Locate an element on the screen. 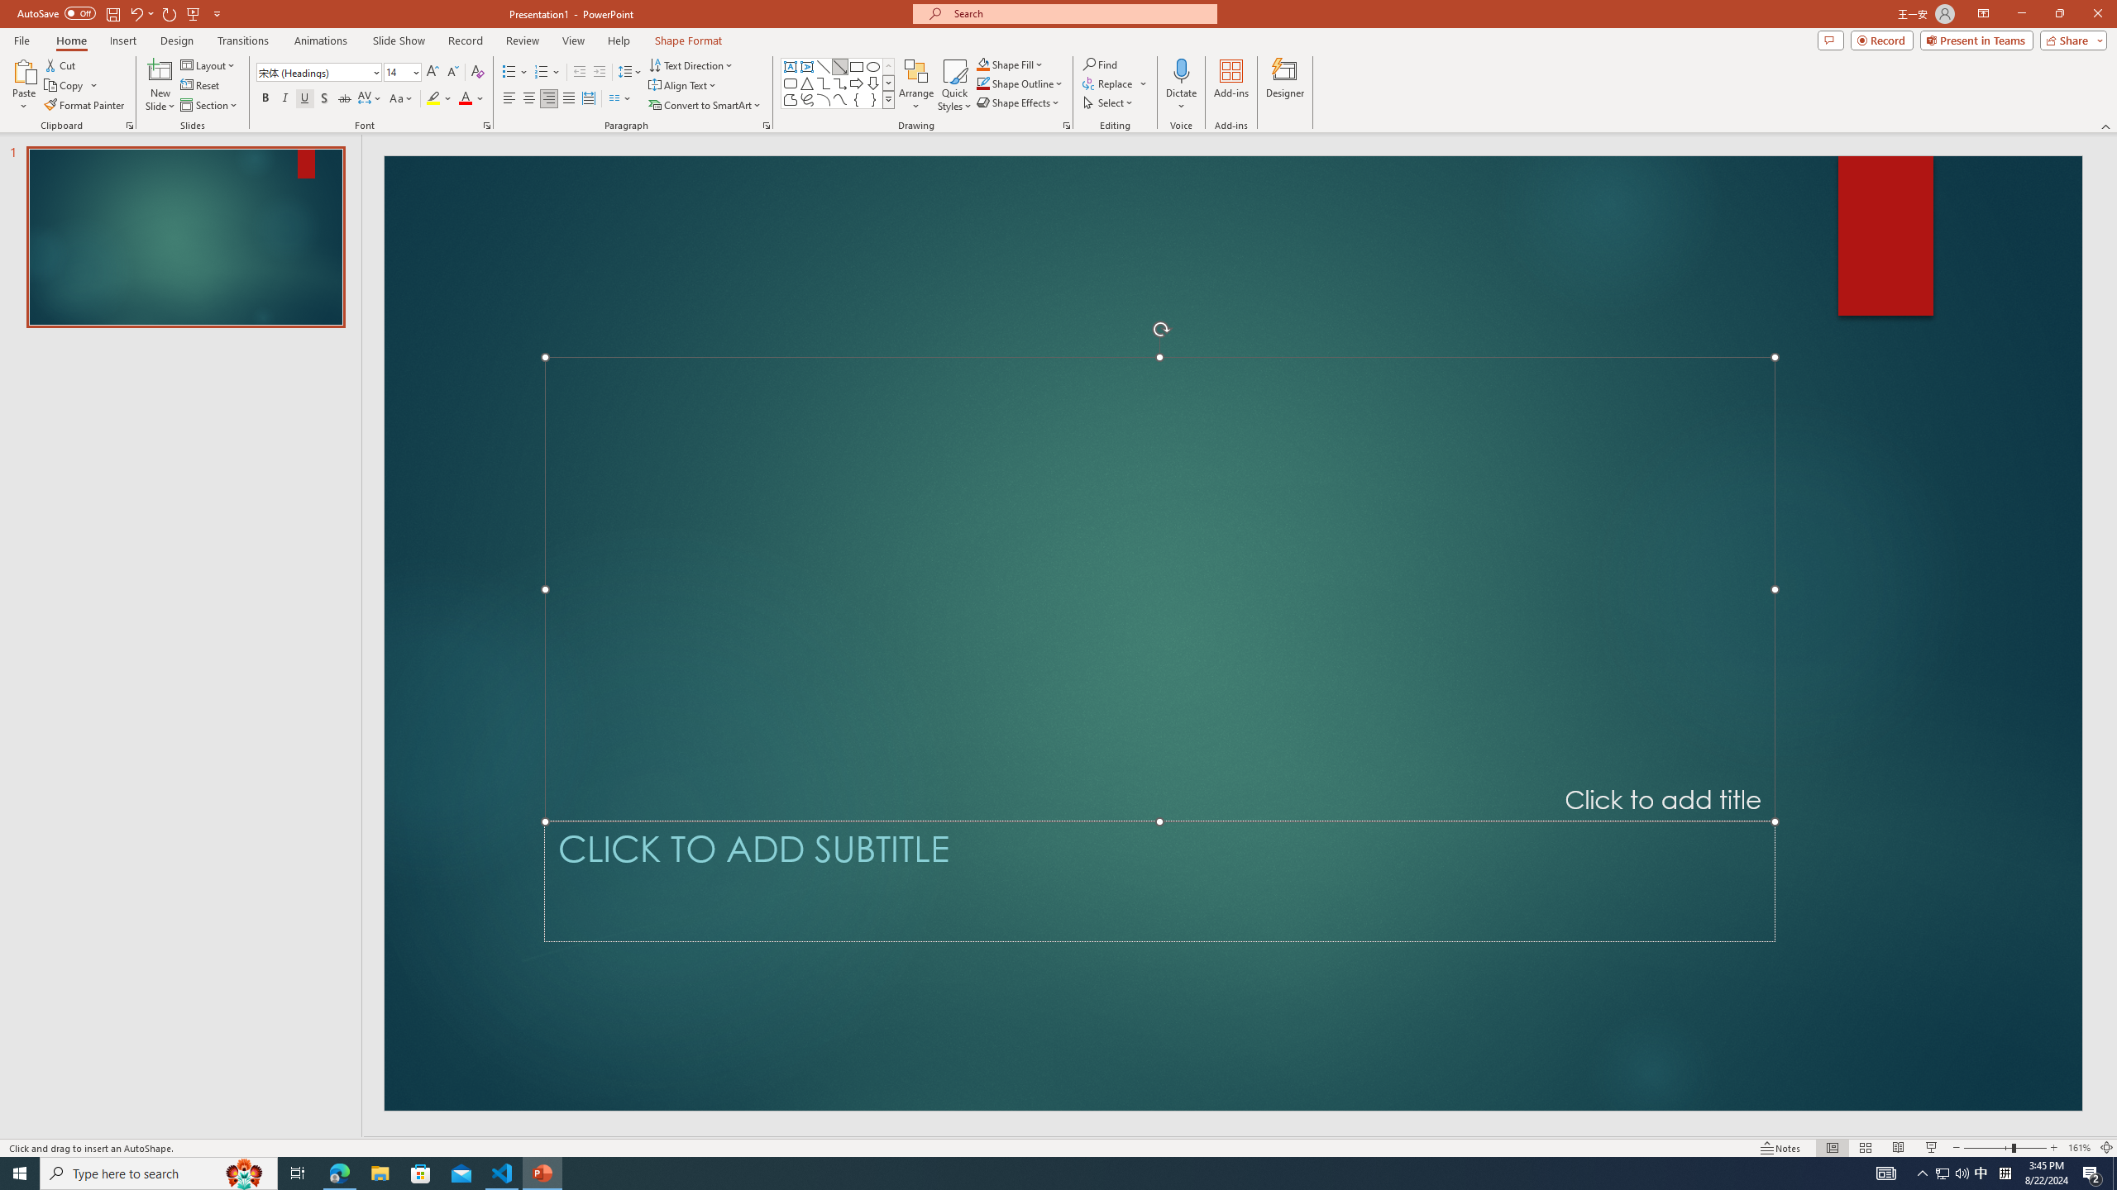 Image resolution: width=2117 pixels, height=1190 pixels. 'Zoom 161%' is located at coordinates (2080, 1148).